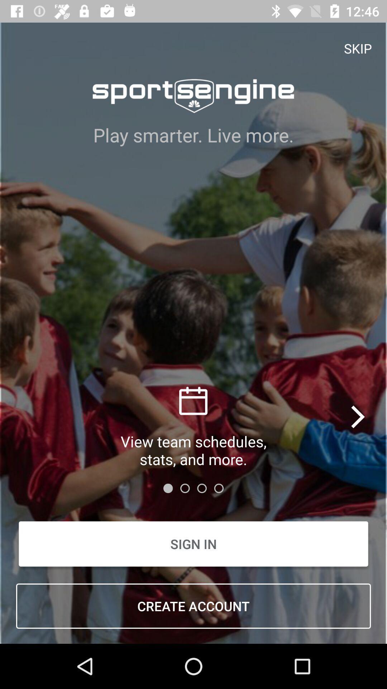 This screenshot has height=689, width=387. I want to click on the arrow_forward icon, so click(359, 417).